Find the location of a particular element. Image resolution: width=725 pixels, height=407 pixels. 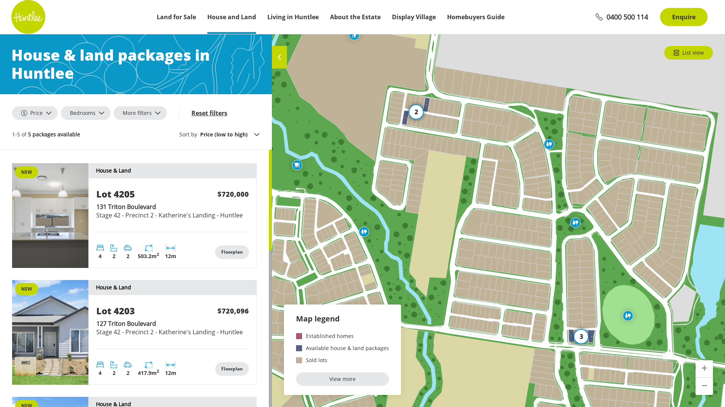

'About the Estate' is located at coordinates (330, 17).